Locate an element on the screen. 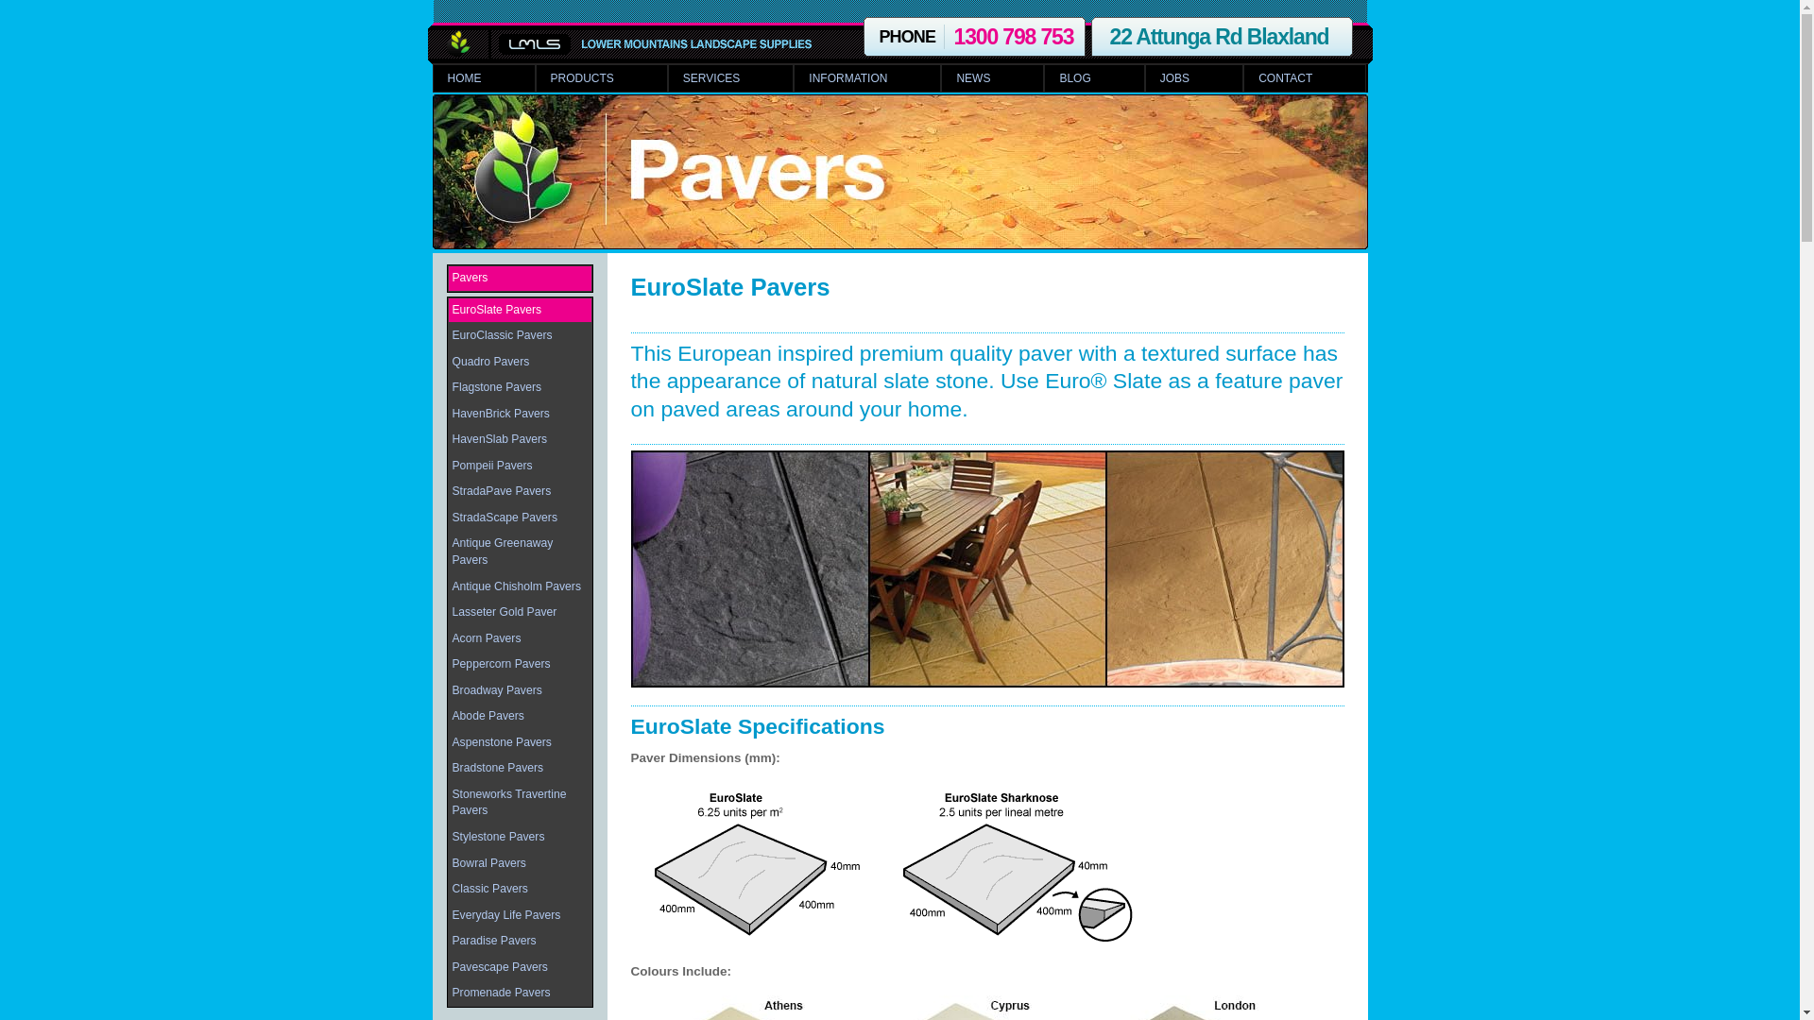 The height and width of the screenshot is (1020, 1814). 'Stoneworks Travertine Pavers' is located at coordinates (519, 803).